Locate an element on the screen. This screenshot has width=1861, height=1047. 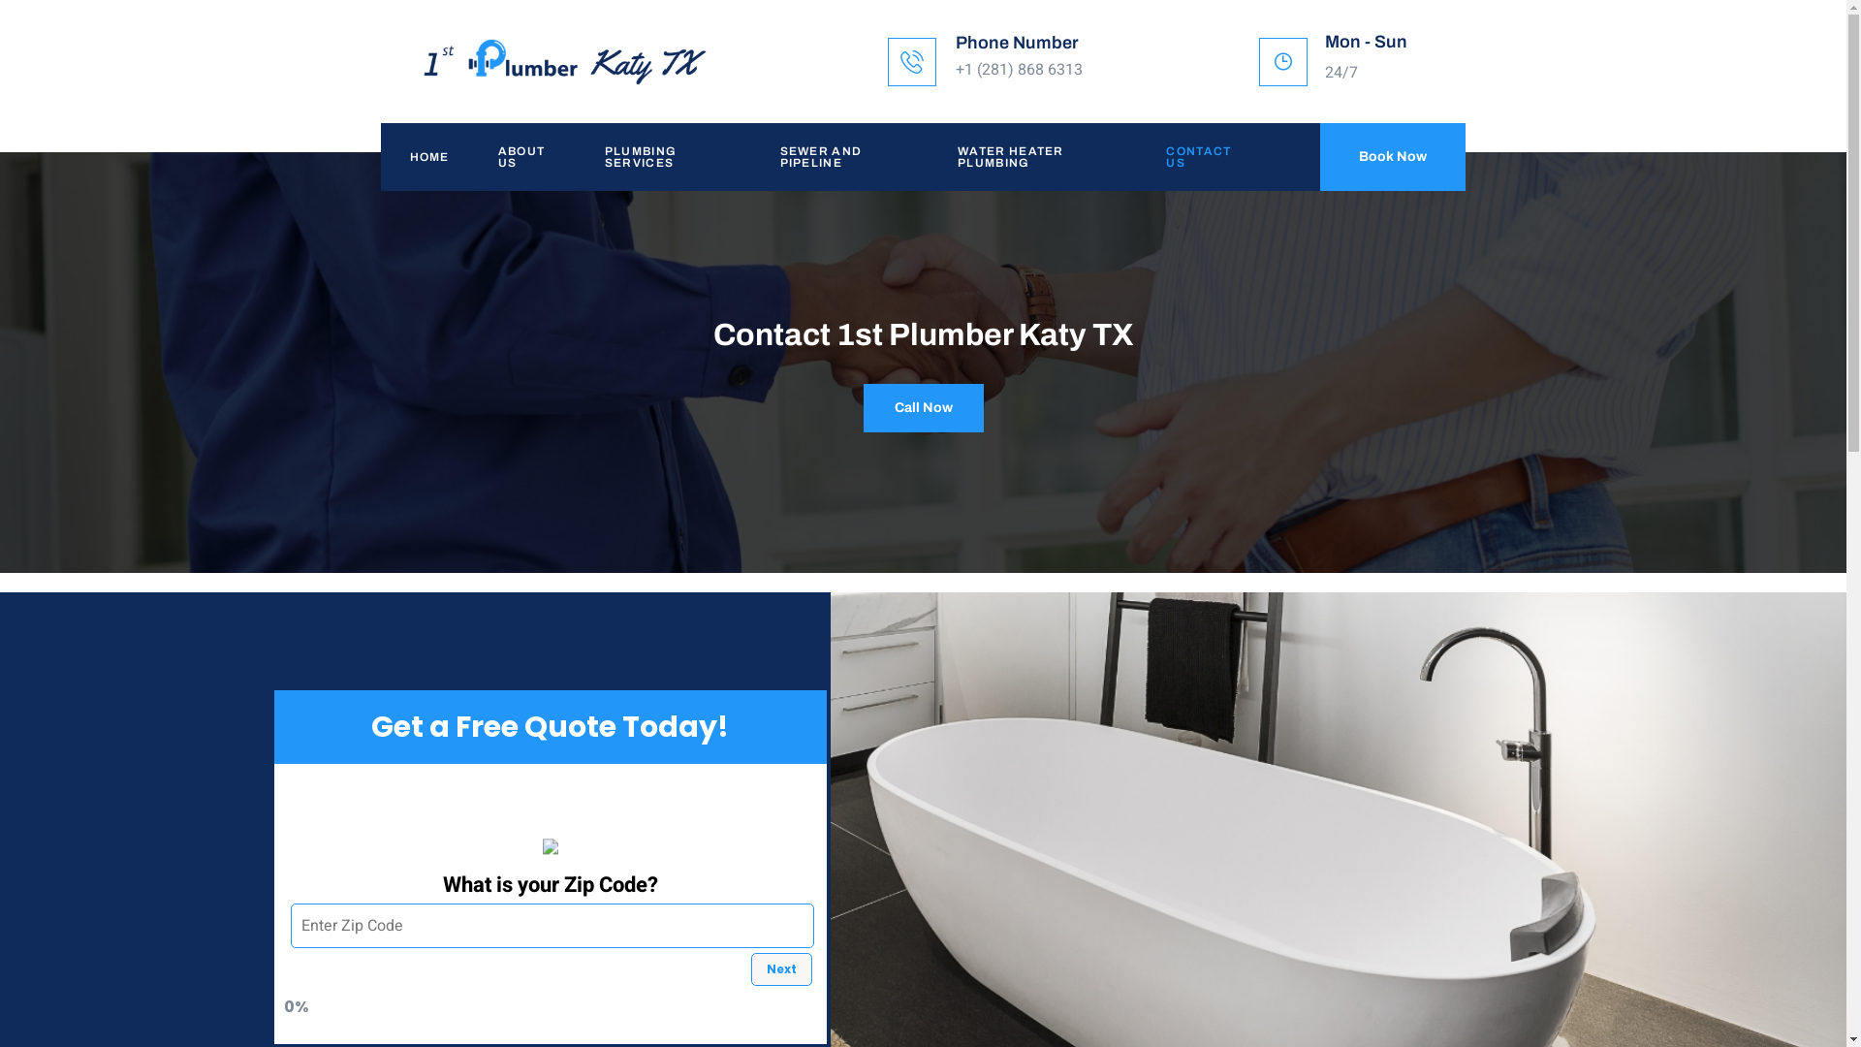
'WATER HEATER PLUMBING' is located at coordinates (928, 156).